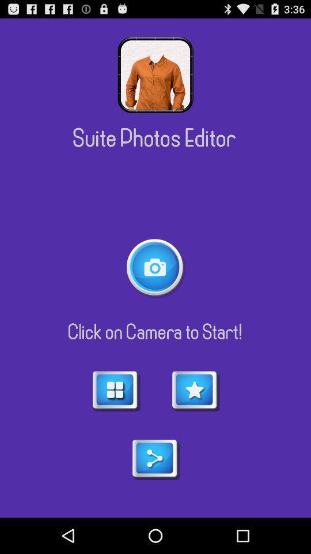 This screenshot has height=554, width=311. What do you see at coordinates (155, 268) in the screenshot?
I see `take picture button` at bounding box center [155, 268].